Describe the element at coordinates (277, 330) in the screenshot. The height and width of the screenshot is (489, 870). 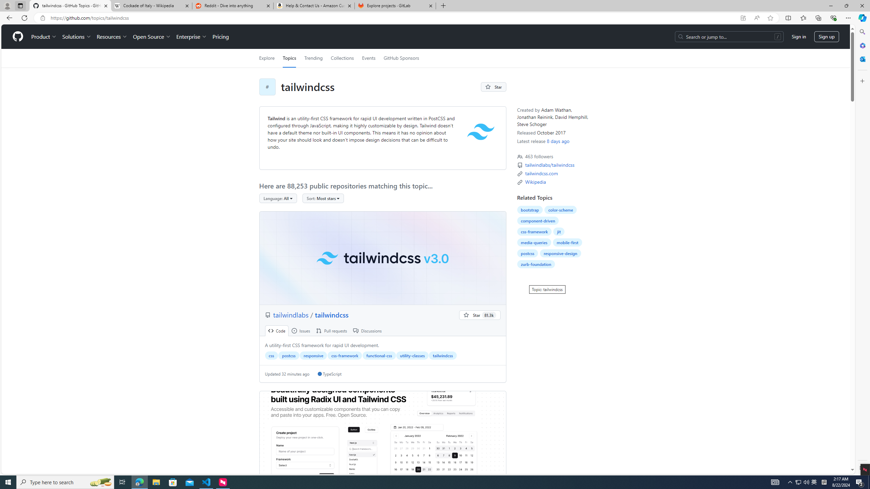
I see `' Code'` at that location.